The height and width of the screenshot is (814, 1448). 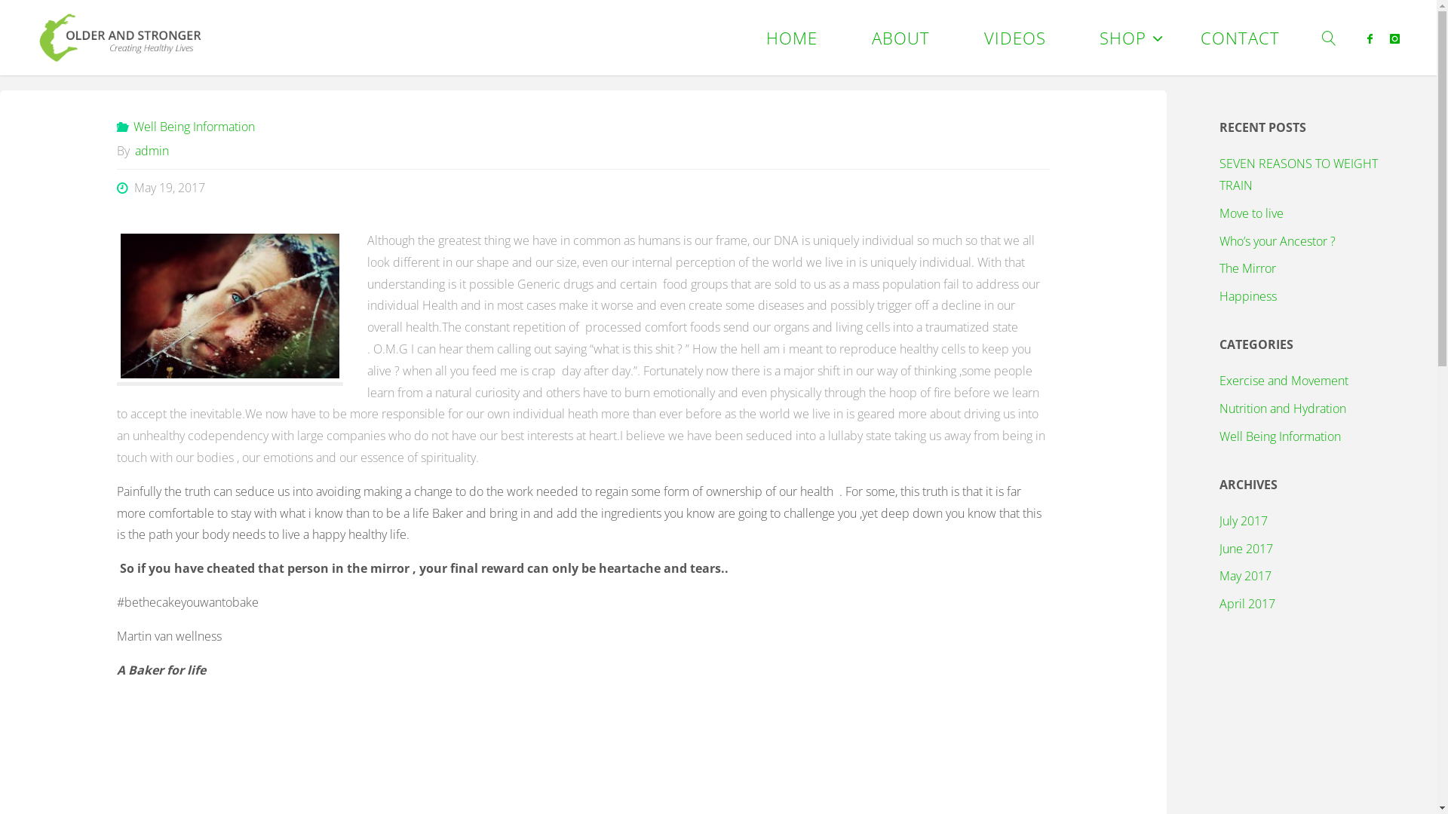 I want to click on 'CONTACT', so click(x=1240, y=37).